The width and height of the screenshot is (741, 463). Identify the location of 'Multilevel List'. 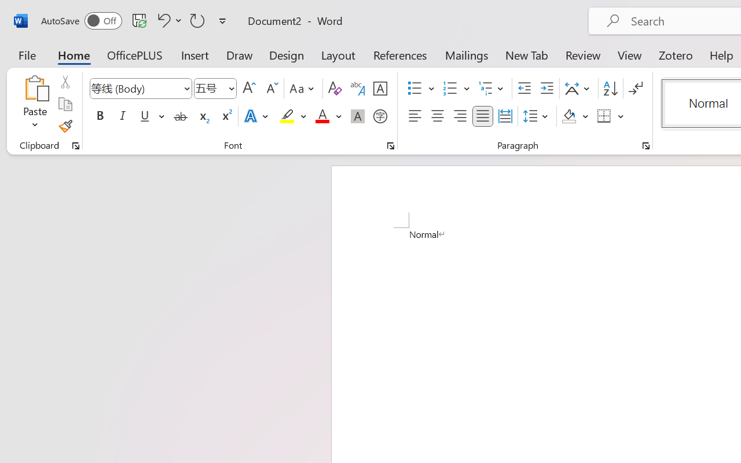
(492, 89).